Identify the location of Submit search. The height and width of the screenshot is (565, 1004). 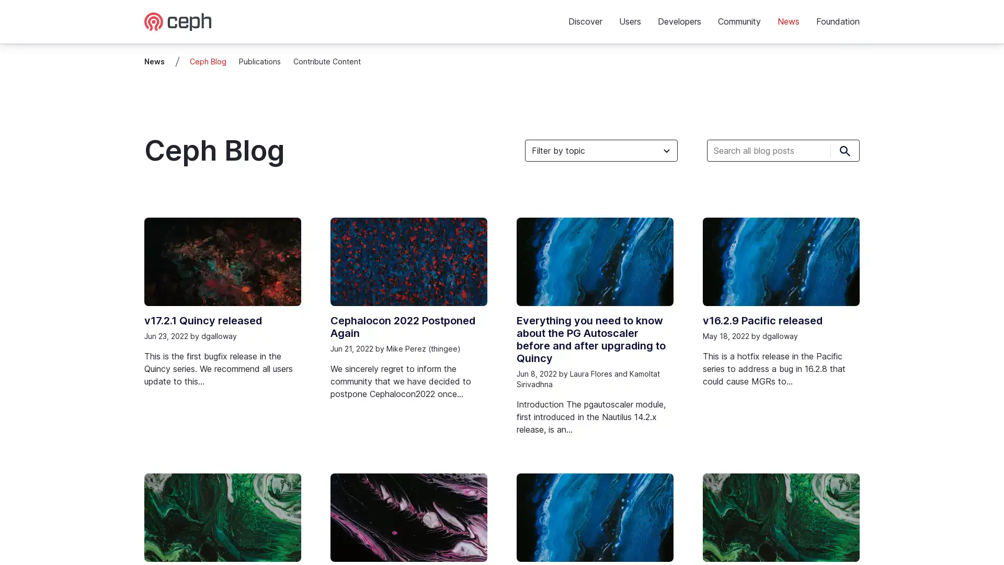
(845, 150).